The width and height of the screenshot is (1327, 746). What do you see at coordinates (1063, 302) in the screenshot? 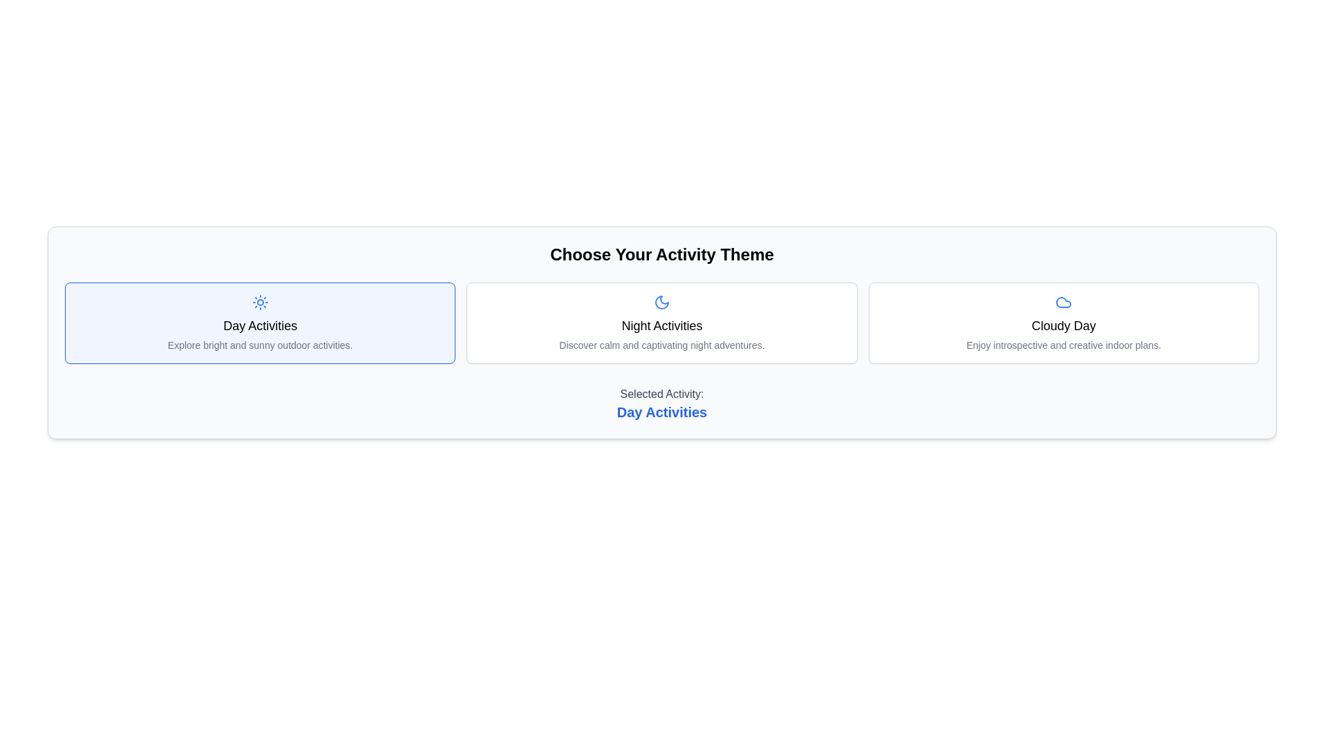
I see `the cloud-shaped icon with a 2-pixel outline located in the third card titled 'Cloudy Day' under the 'Choose Your Activity Theme' section` at bounding box center [1063, 302].